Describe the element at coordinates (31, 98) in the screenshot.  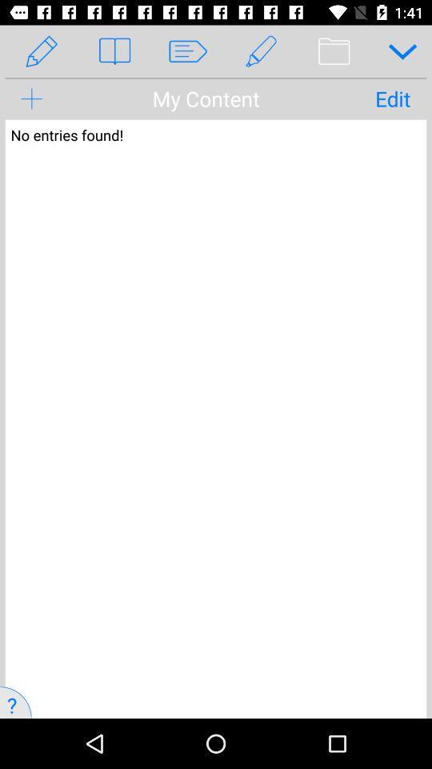
I see `the add icon` at that location.